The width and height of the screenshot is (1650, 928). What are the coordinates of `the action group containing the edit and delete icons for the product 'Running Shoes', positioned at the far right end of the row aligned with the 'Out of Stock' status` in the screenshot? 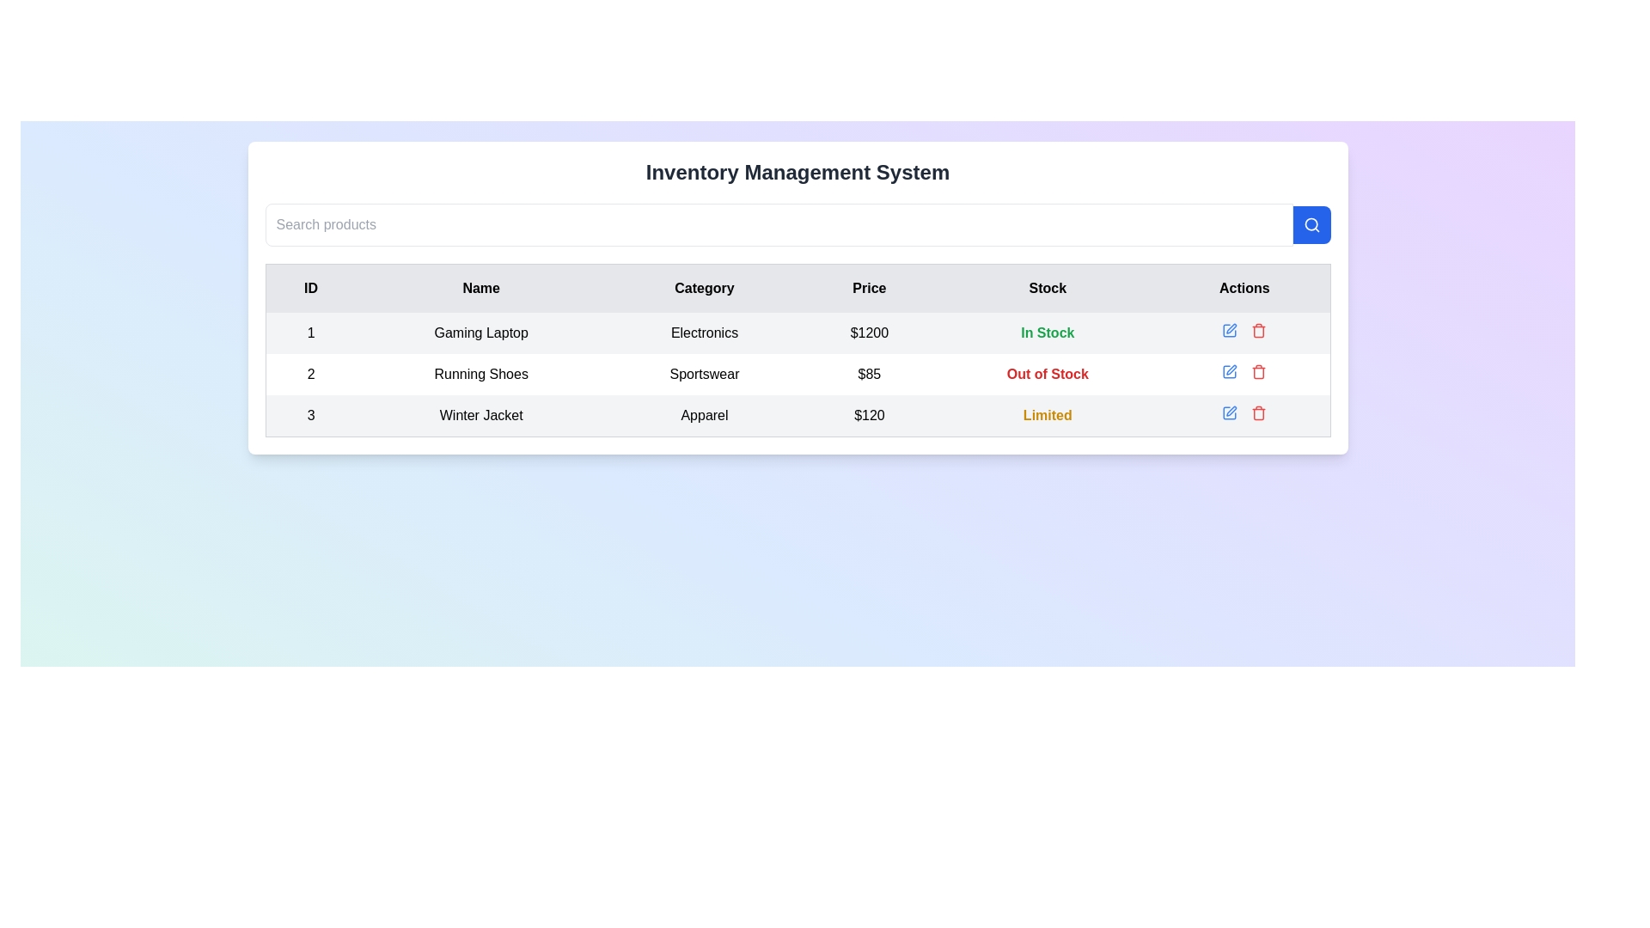 It's located at (1244, 370).